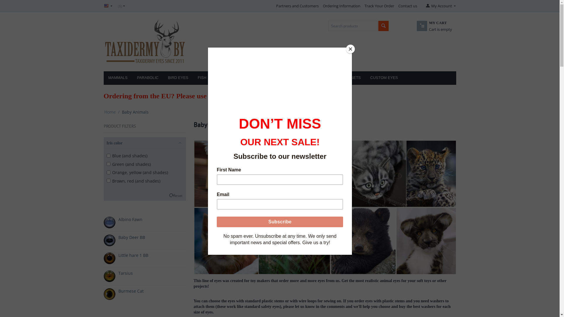 This screenshot has height=317, width=564. What do you see at coordinates (125, 273) in the screenshot?
I see `'Tarsius'` at bounding box center [125, 273].